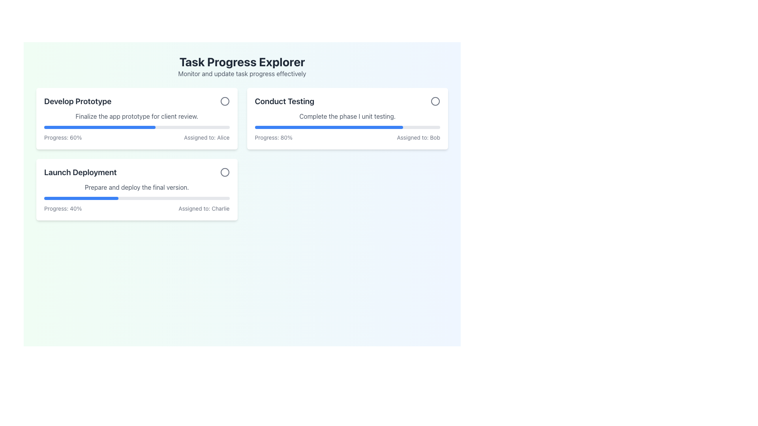  I want to click on the text label that reads 'Assigned to: Charlie' located in the bottom-right corner of the 'Launch Deployment' card, so click(204, 208).